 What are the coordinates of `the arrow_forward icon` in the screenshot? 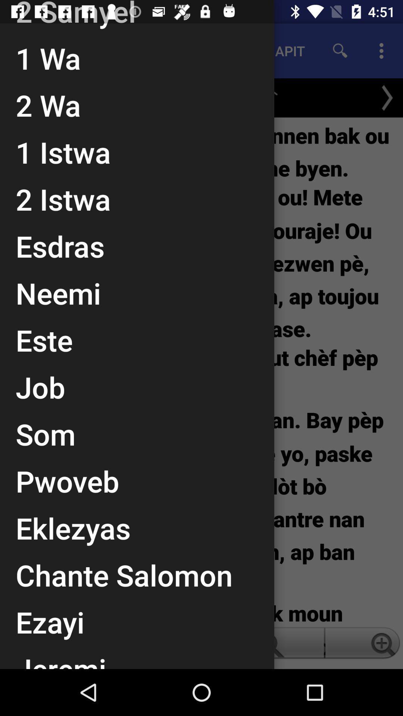 It's located at (387, 97).